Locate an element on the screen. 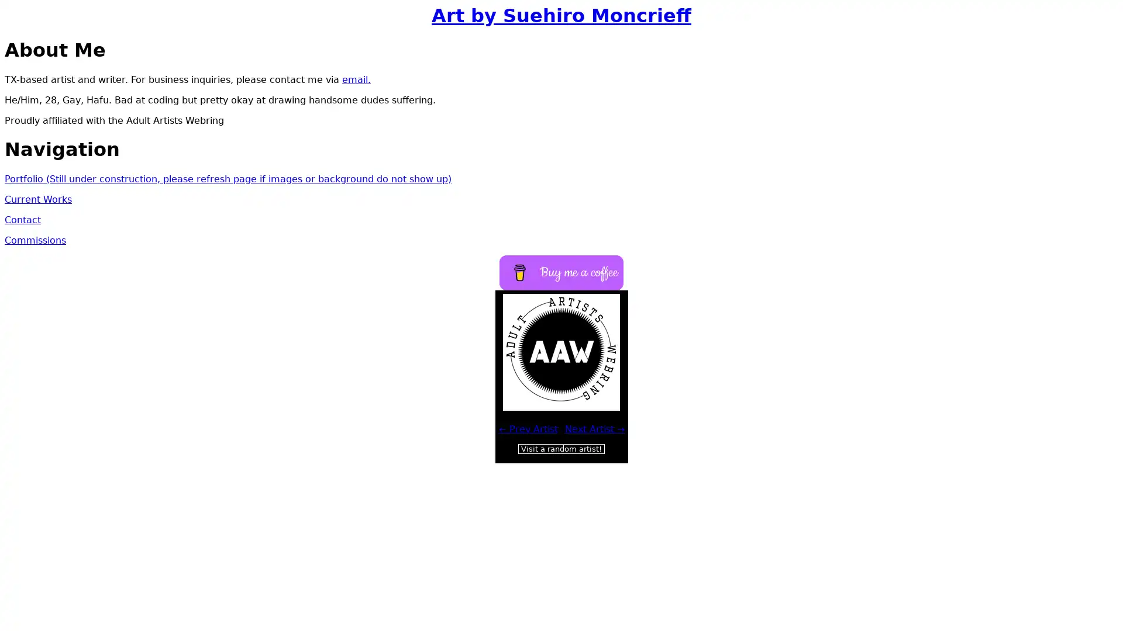  Visit a random artist! is located at coordinates (561, 448).